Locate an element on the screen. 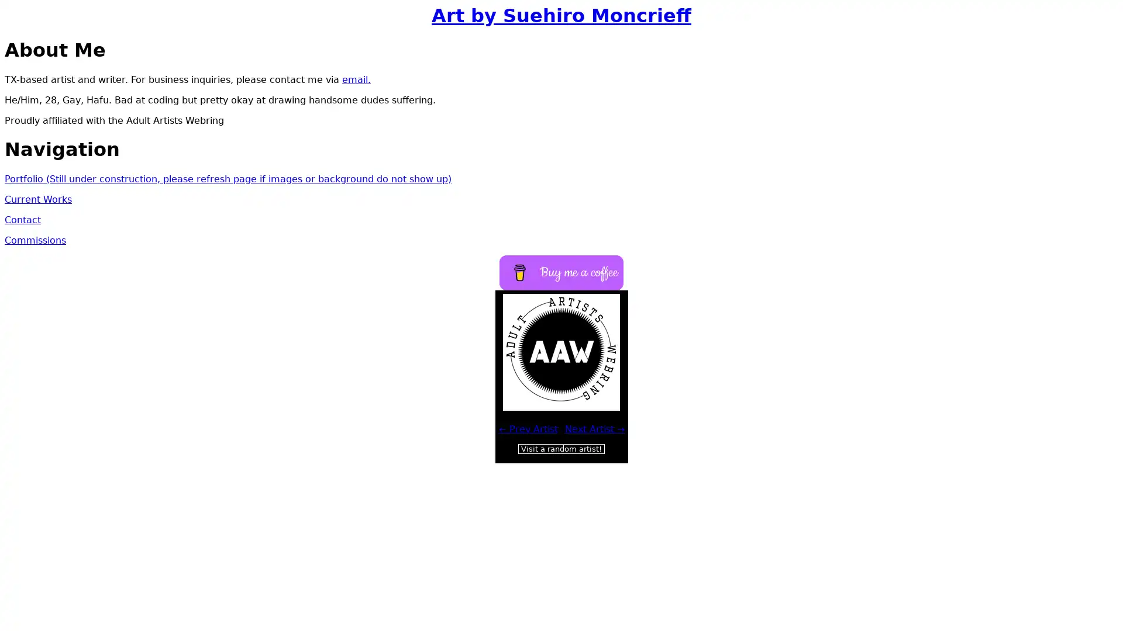  Visit a random artist! is located at coordinates (561, 448).